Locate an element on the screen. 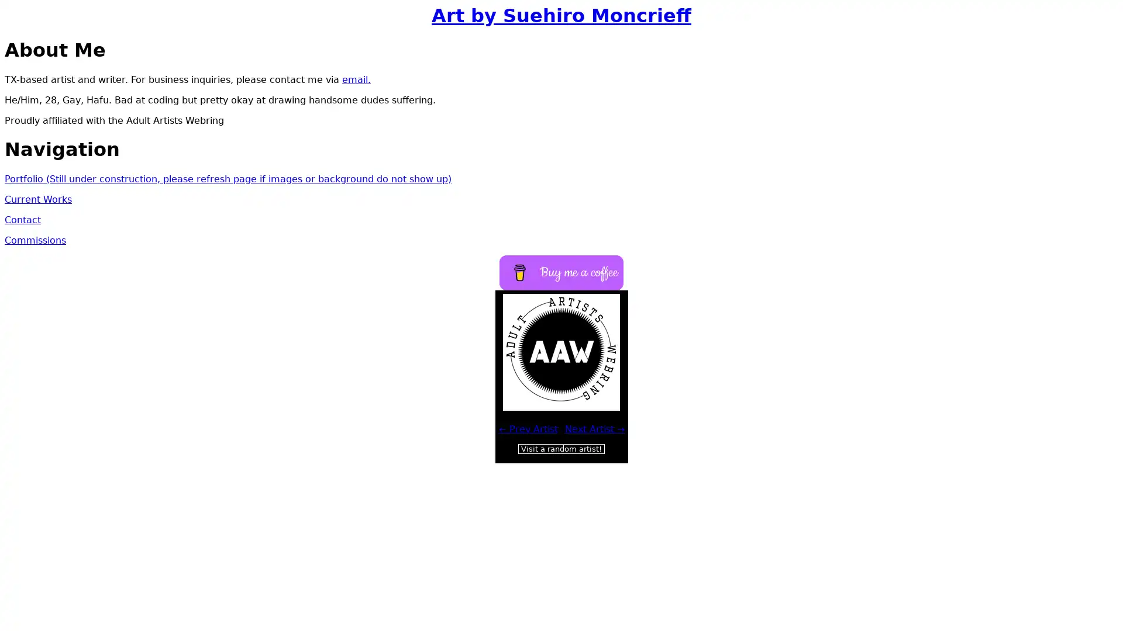  Visit a random artist! is located at coordinates (561, 448).